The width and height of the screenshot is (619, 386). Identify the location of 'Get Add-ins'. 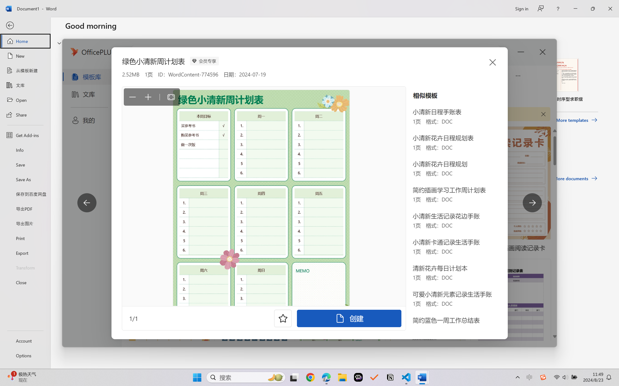
(25, 135).